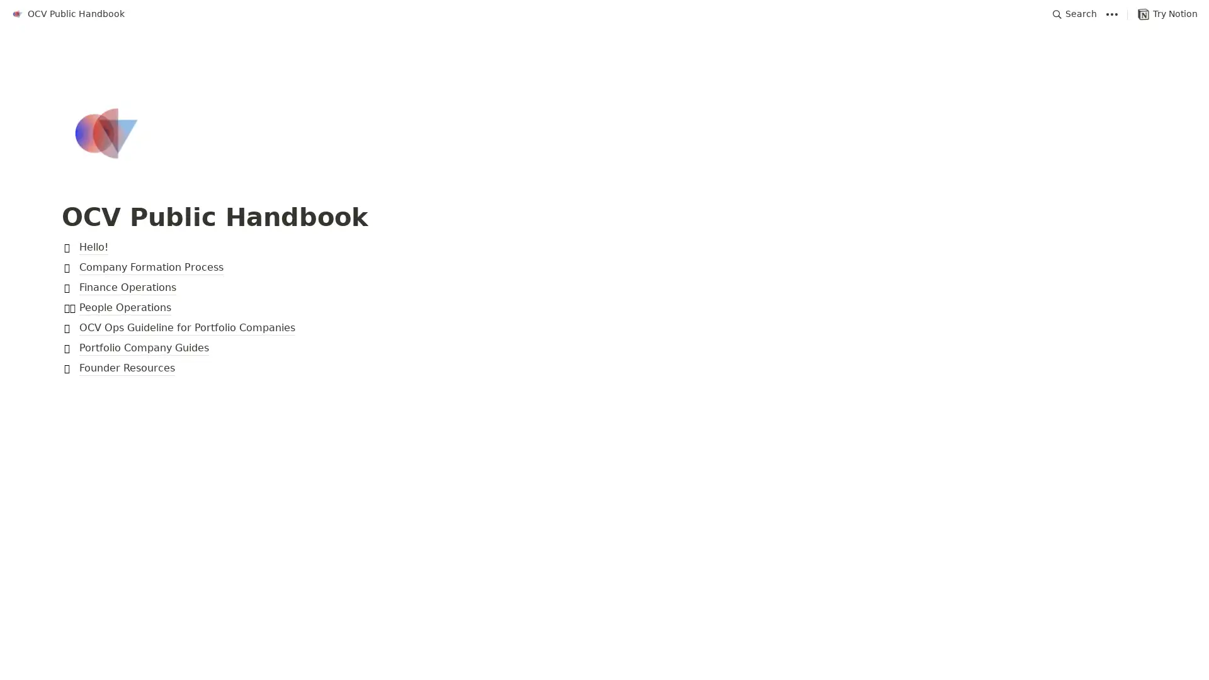 The width and height of the screenshot is (1209, 680). I want to click on Founder Resources, so click(604, 368).